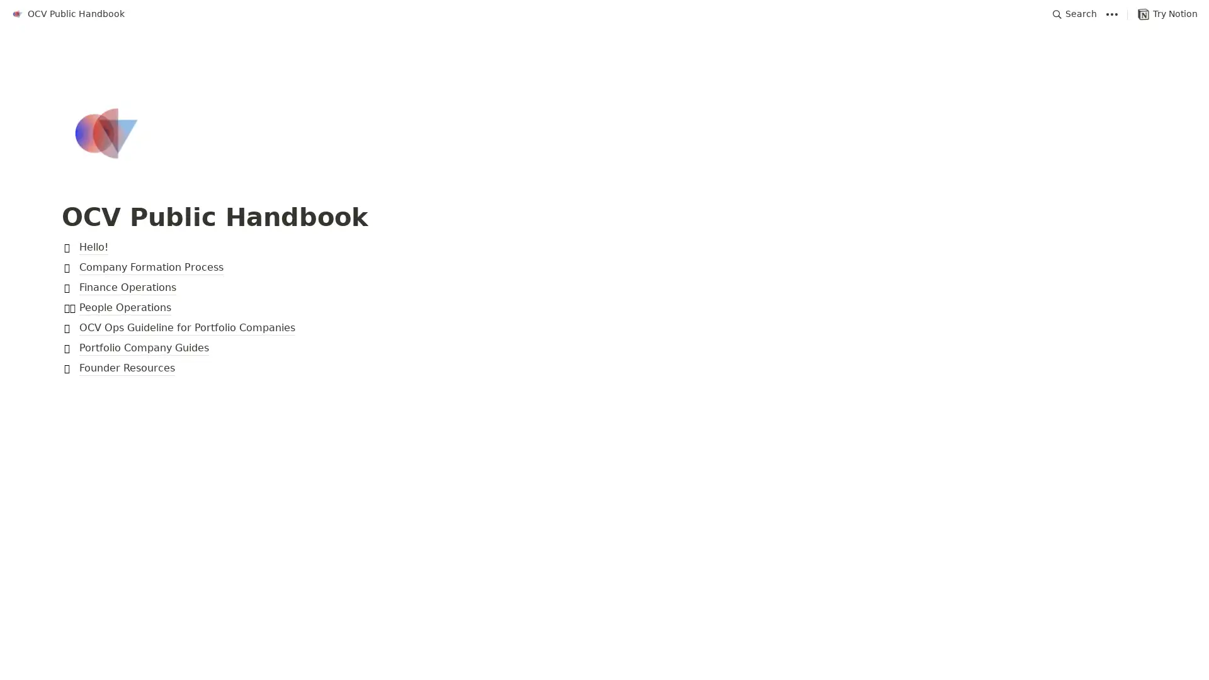 The width and height of the screenshot is (1209, 680). I want to click on Founder Resources, so click(604, 368).